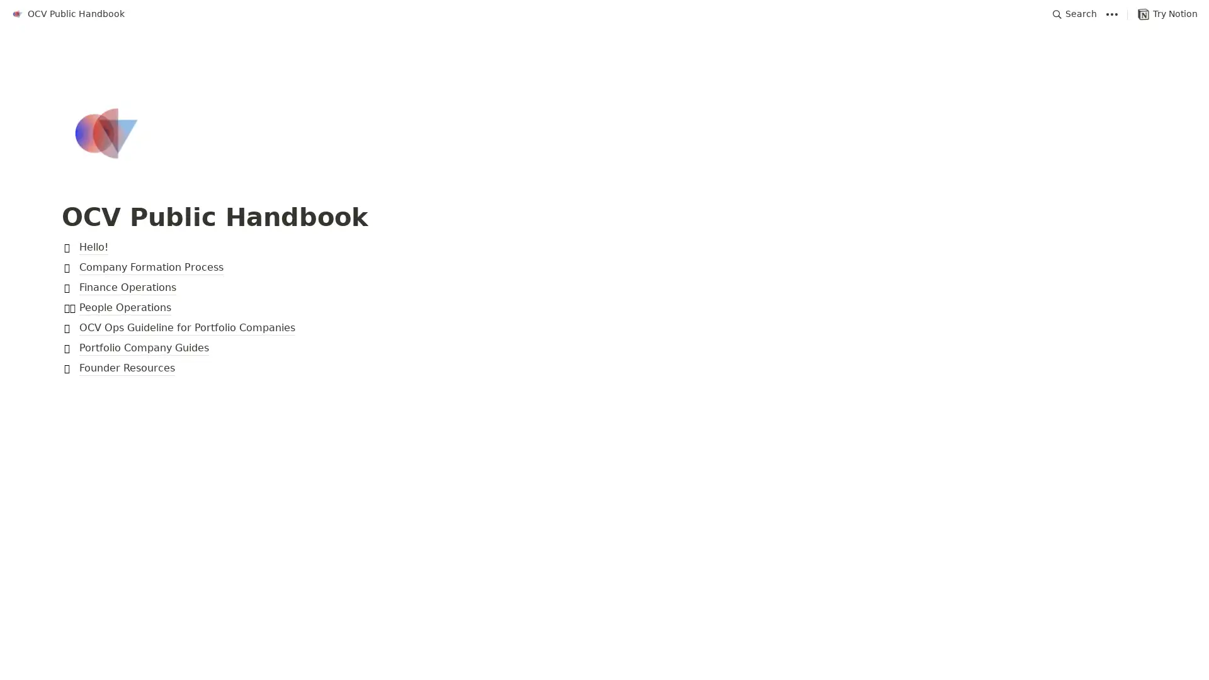 The width and height of the screenshot is (1209, 680). I want to click on Founder Resources, so click(604, 368).